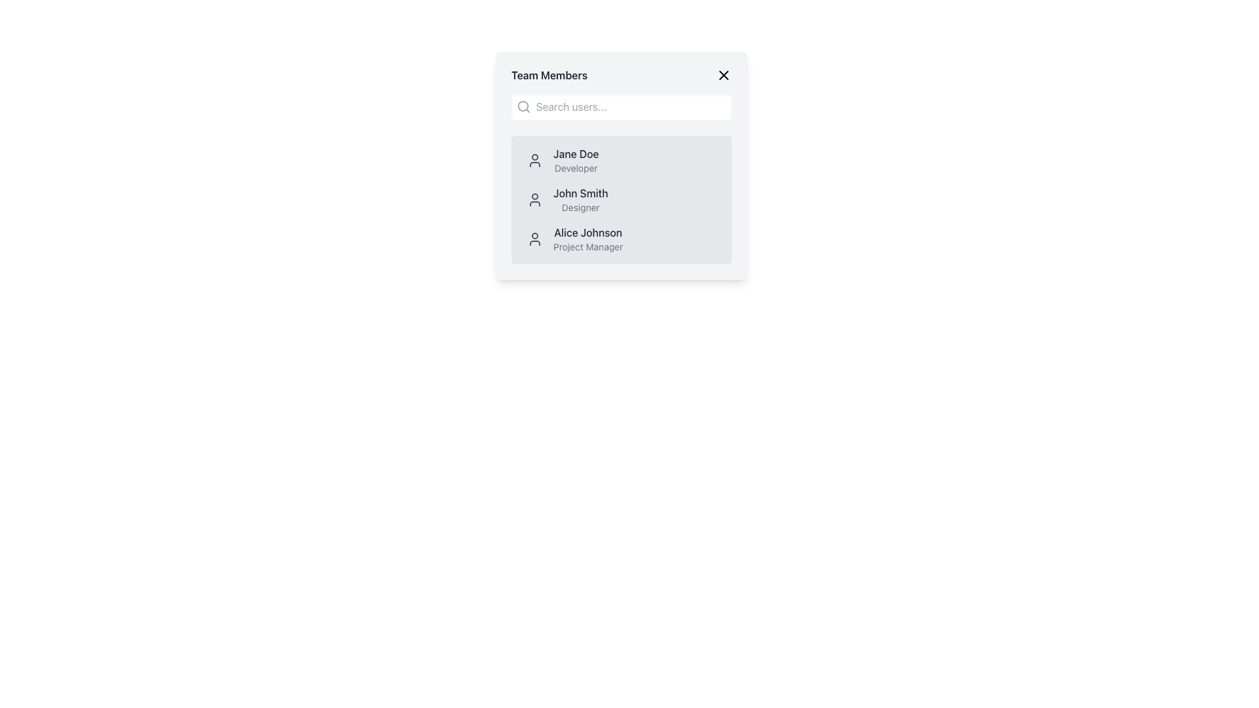  What do you see at coordinates (588, 247) in the screenshot?
I see `the label indicating the role or designation of 'Alice Johnson' in the 'Team Members' panel, located below the name and slightly indented` at bounding box center [588, 247].